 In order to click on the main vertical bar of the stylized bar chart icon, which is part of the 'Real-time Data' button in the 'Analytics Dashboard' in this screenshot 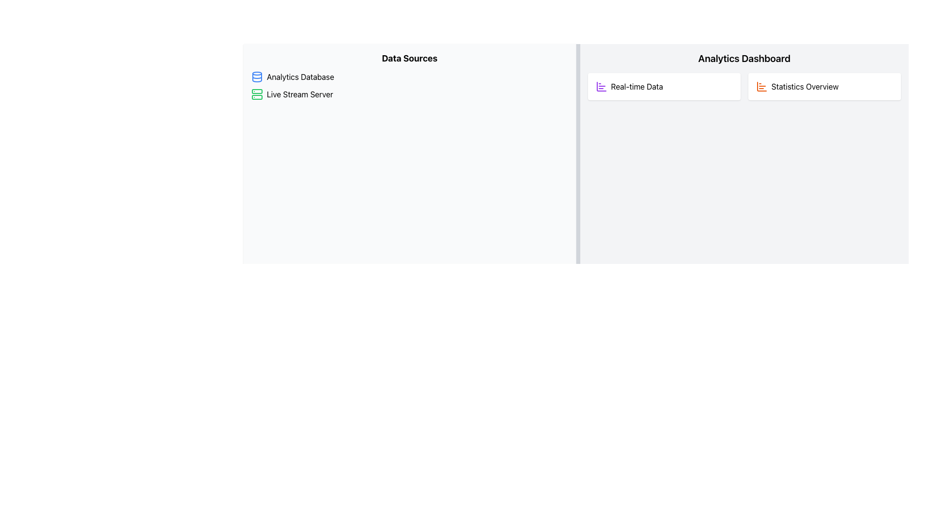, I will do `click(601, 86)`.